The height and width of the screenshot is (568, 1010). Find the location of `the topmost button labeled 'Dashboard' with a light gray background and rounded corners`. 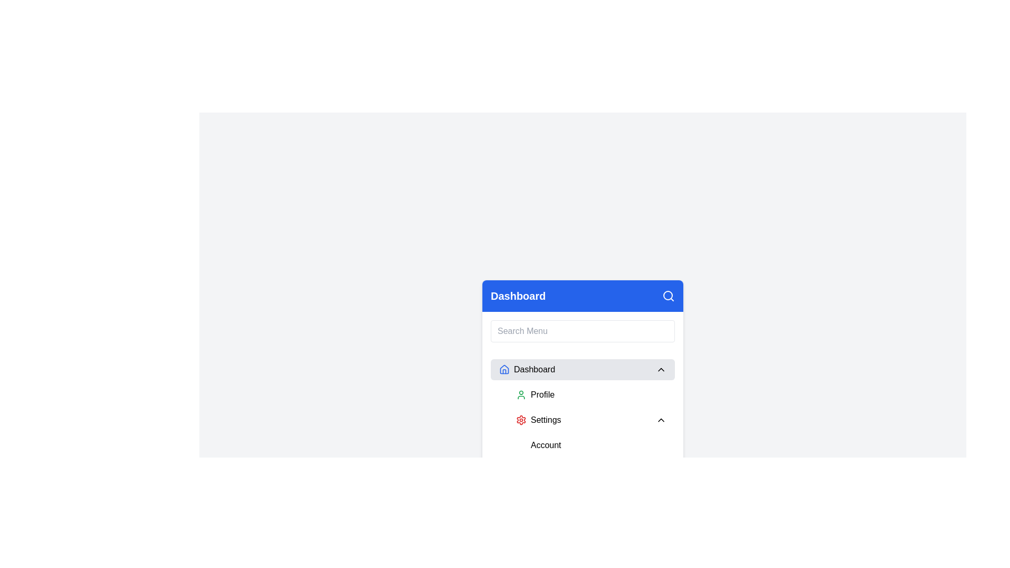

the topmost button labeled 'Dashboard' with a light gray background and rounded corners is located at coordinates (582, 369).